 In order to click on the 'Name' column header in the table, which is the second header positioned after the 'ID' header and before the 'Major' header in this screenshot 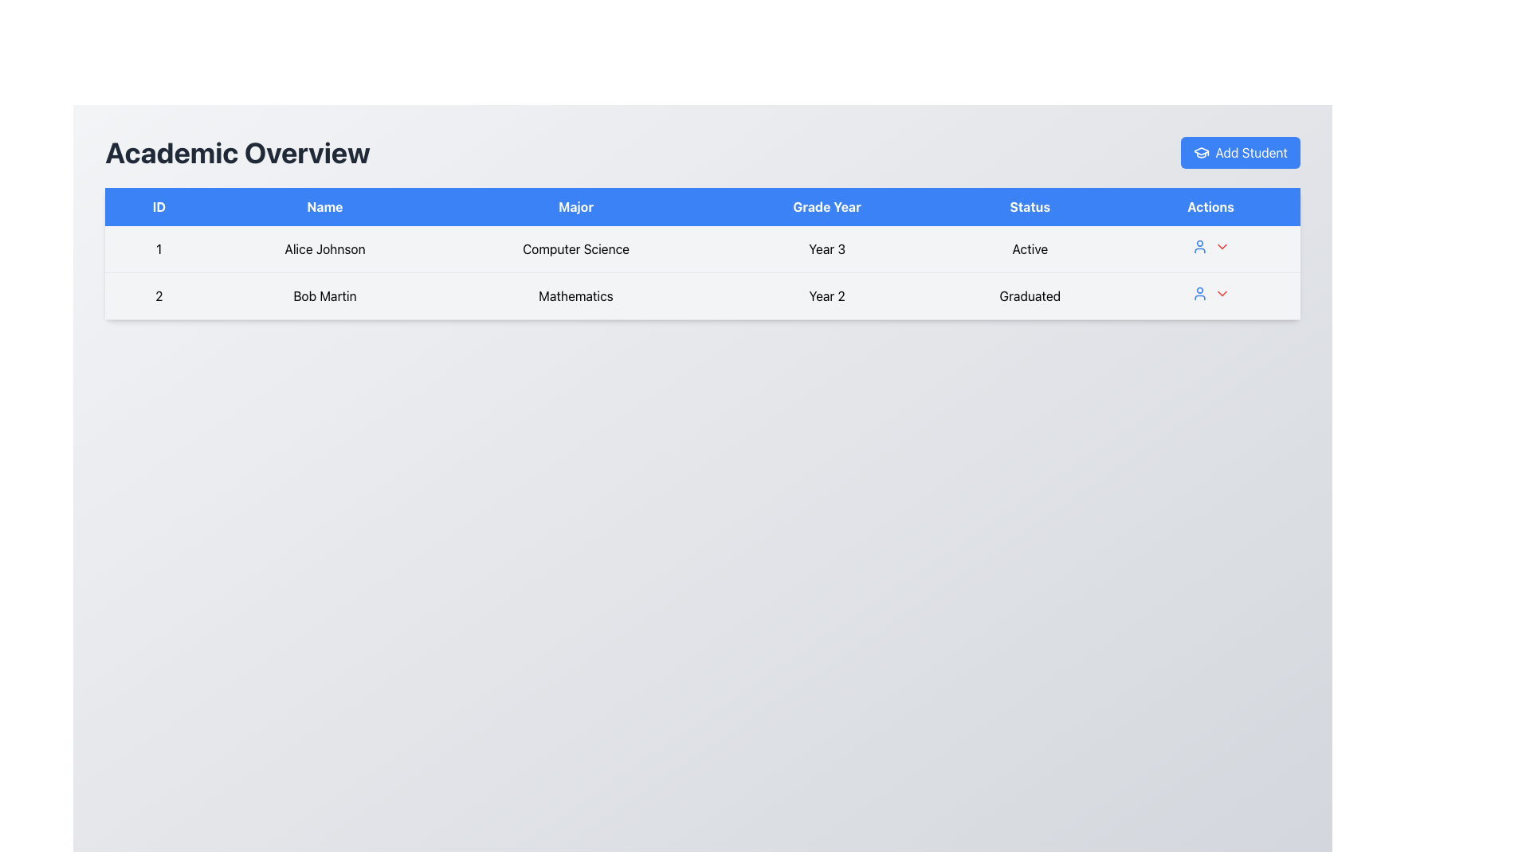, I will do `click(324, 205)`.